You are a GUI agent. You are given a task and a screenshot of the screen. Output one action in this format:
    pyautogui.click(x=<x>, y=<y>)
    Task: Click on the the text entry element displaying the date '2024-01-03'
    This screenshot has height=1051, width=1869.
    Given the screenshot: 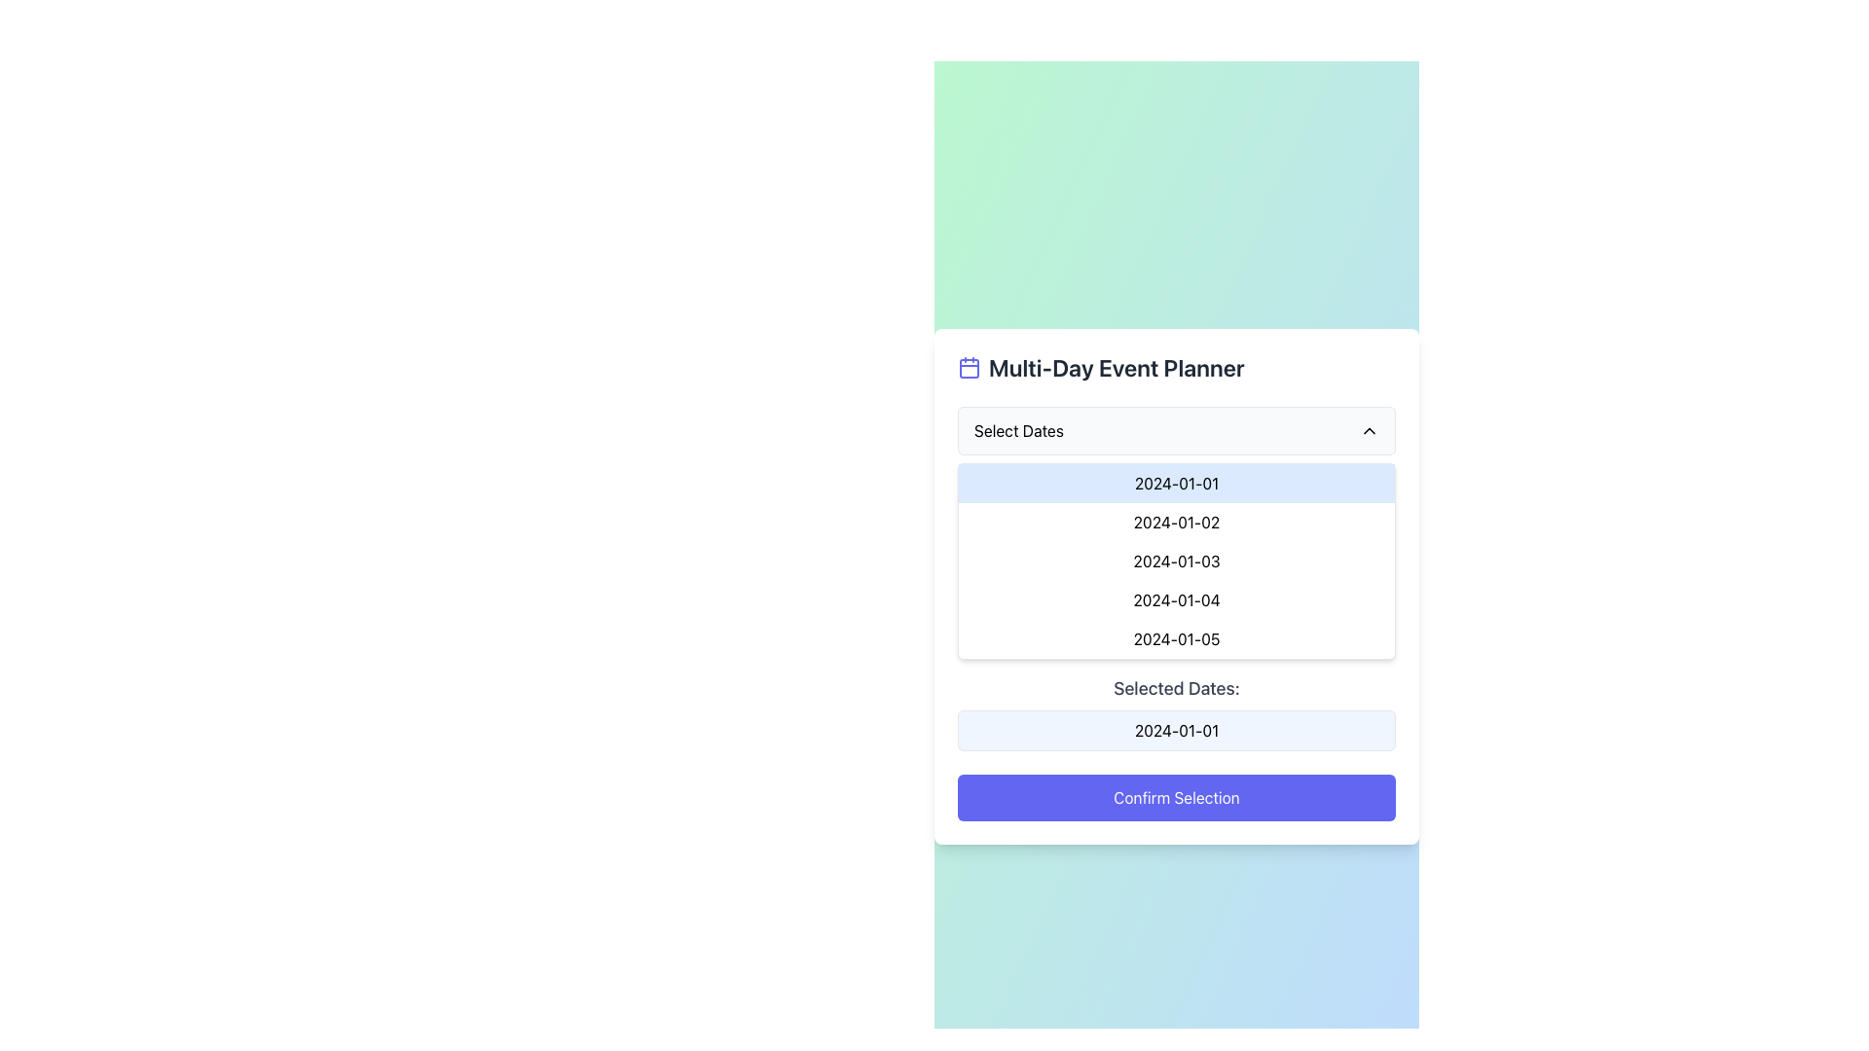 What is the action you would take?
    pyautogui.click(x=1176, y=562)
    